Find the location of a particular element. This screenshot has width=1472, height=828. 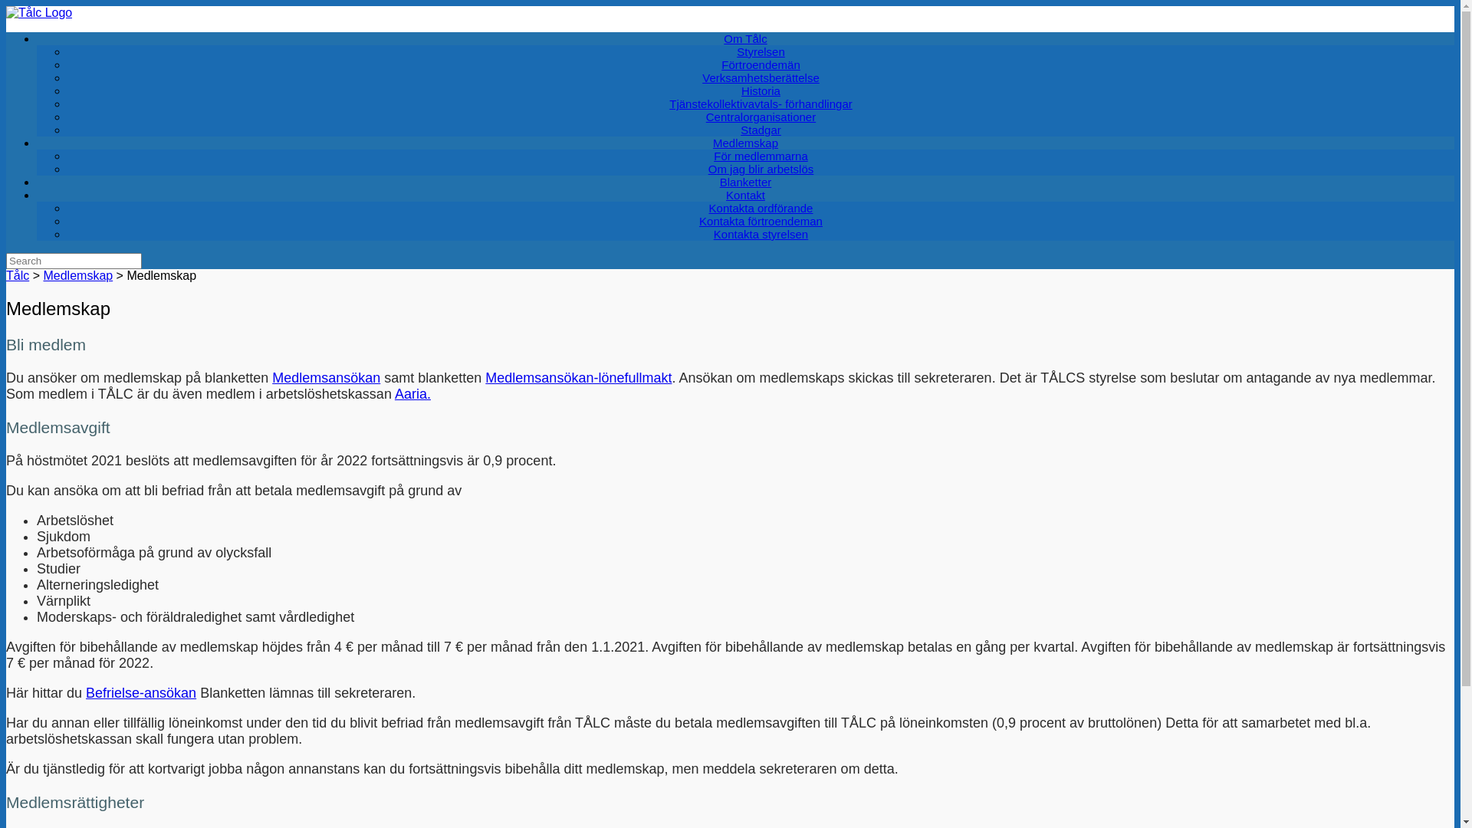

'Skip to content' is located at coordinates (5, 5).